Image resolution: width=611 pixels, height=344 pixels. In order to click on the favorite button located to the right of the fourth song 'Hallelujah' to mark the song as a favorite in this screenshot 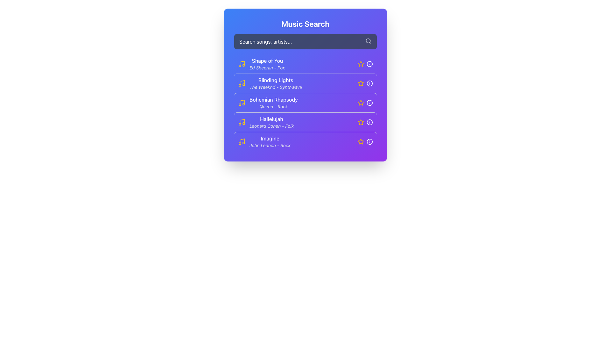, I will do `click(361, 122)`.